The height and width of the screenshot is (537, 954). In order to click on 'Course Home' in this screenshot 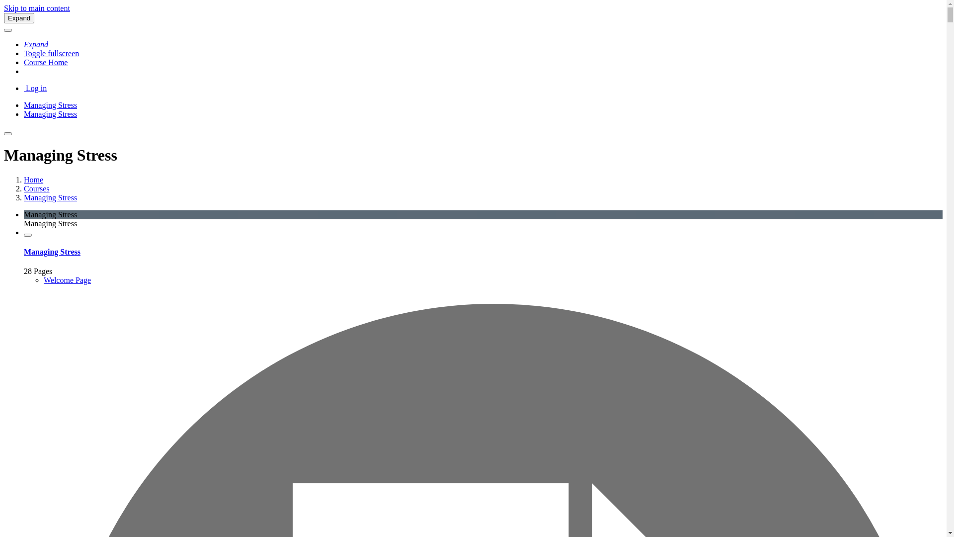, I will do `click(45, 62)`.